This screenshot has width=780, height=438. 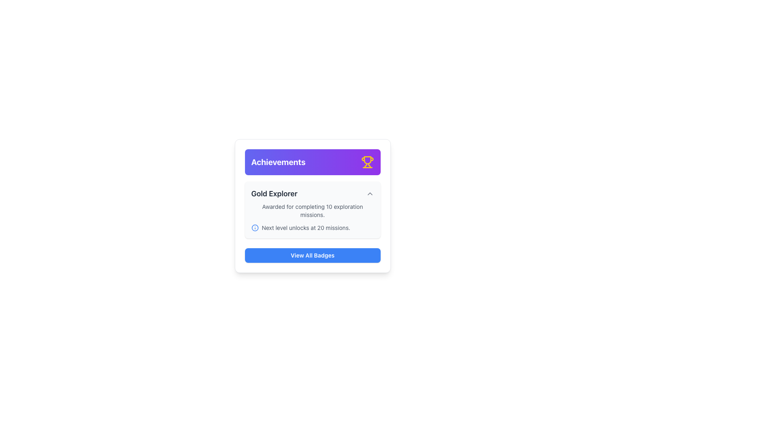 I want to click on the decorative icon located on the top-right corner of the purple header bar labeled 'Achievements', which symbolizes the section's purpose, so click(x=367, y=162).